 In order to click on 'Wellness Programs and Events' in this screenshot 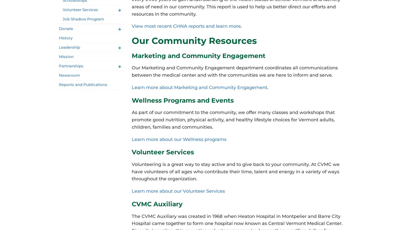, I will do `click(182, 100)`.